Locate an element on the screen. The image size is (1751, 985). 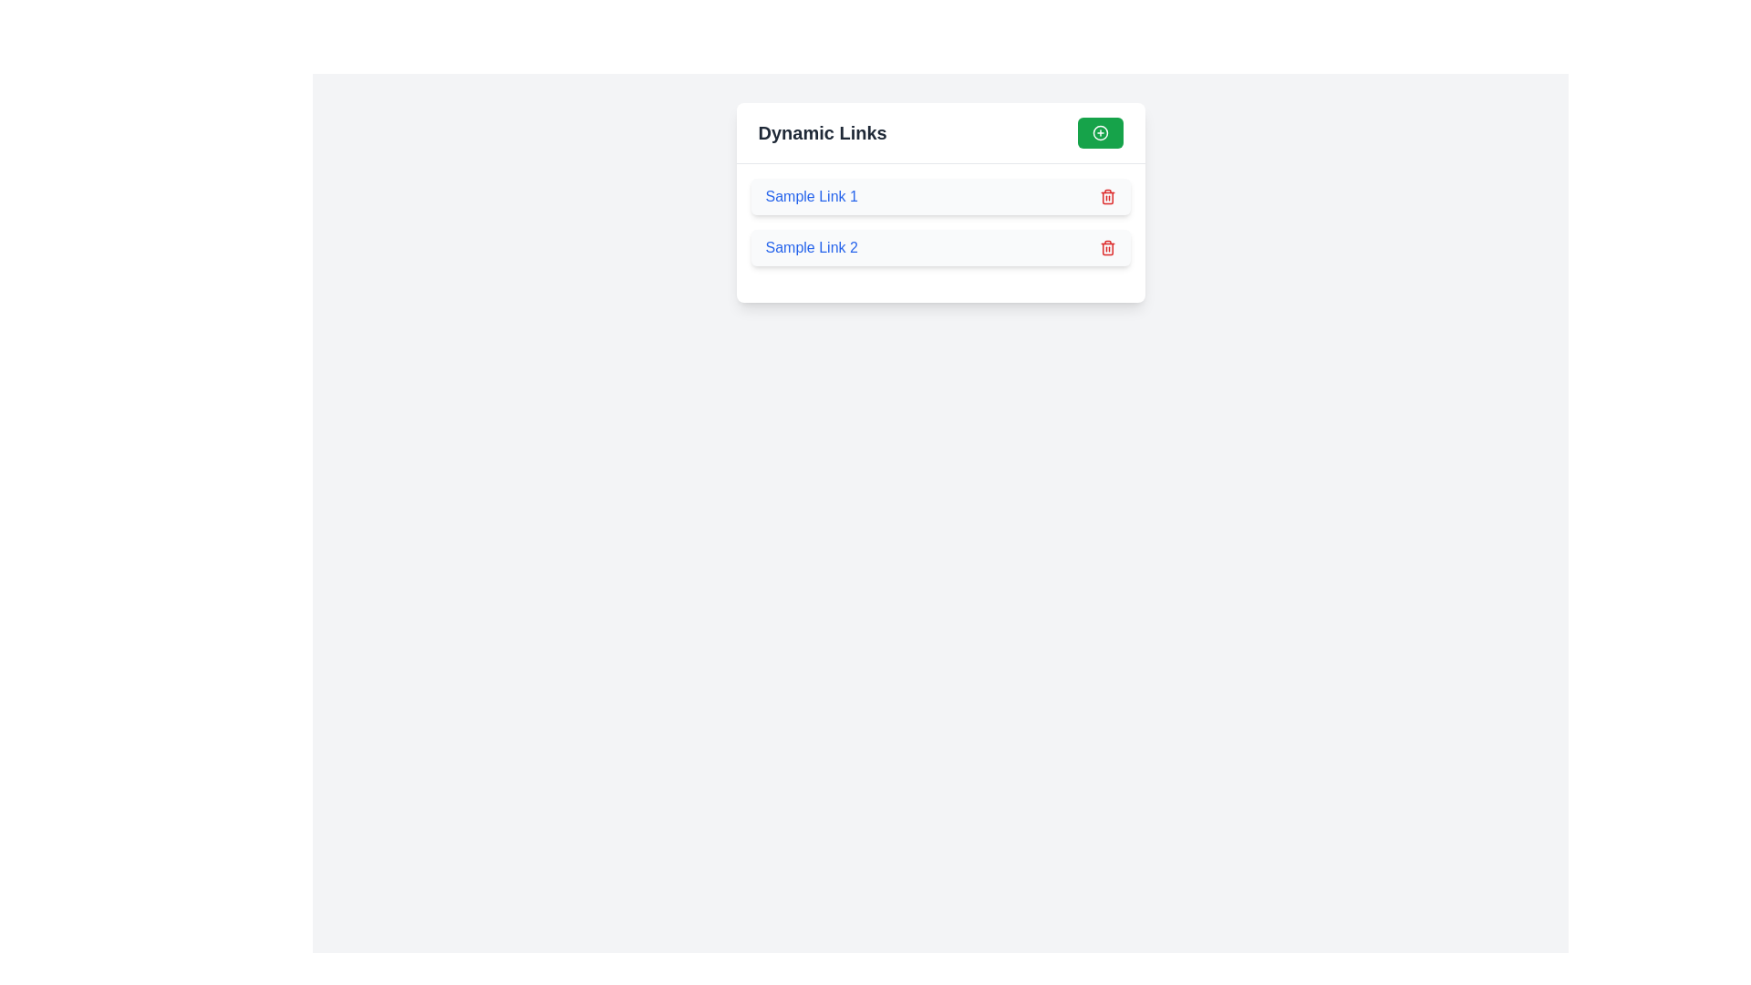
the delete button represented by a red-bordered trash icon adjacent to the 'Sample Link 2' text label is located at coordinates (1106, 248).